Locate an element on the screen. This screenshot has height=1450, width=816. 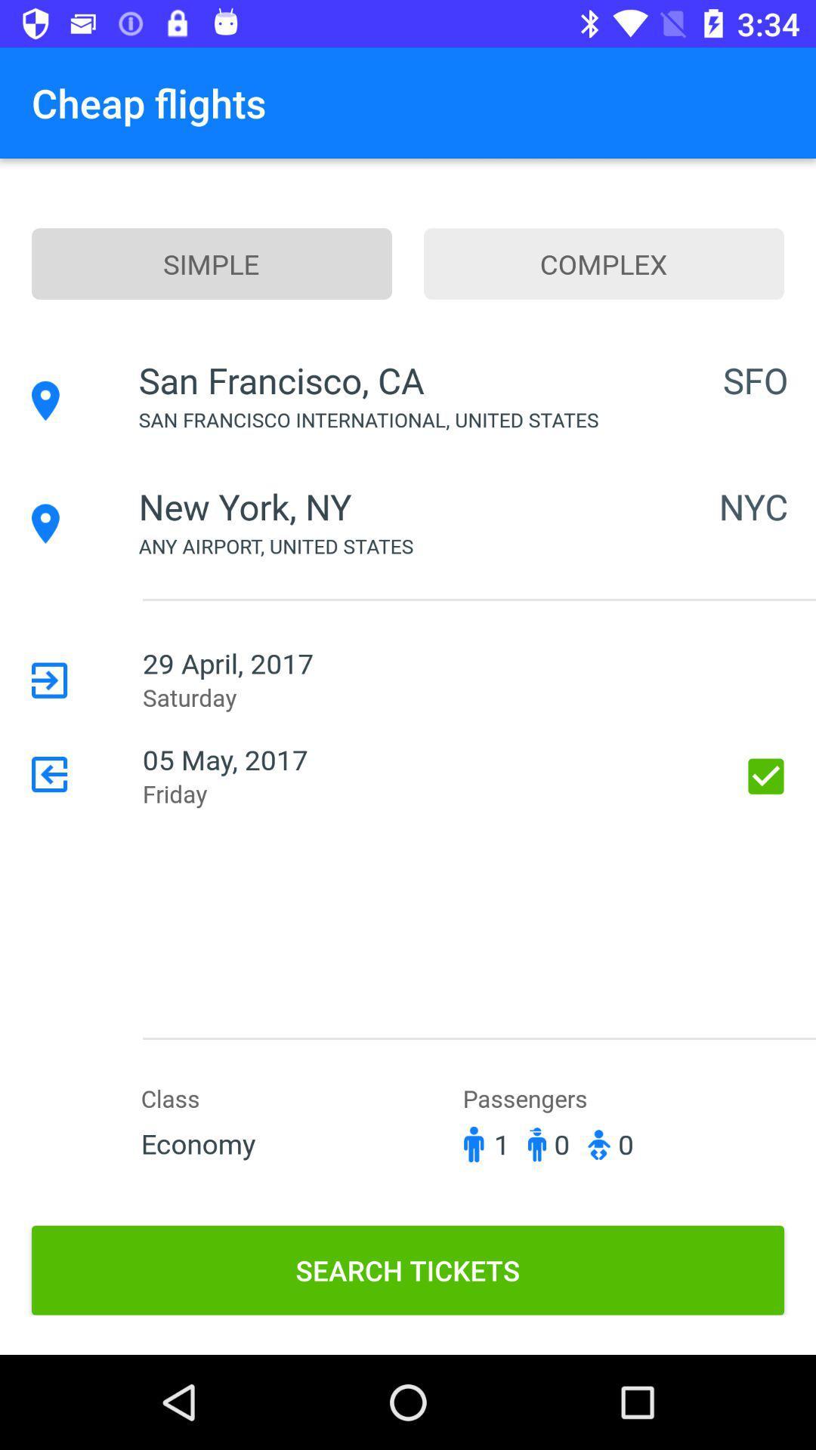
the icon to the left of complex icon is located at coordinates (212, 264).